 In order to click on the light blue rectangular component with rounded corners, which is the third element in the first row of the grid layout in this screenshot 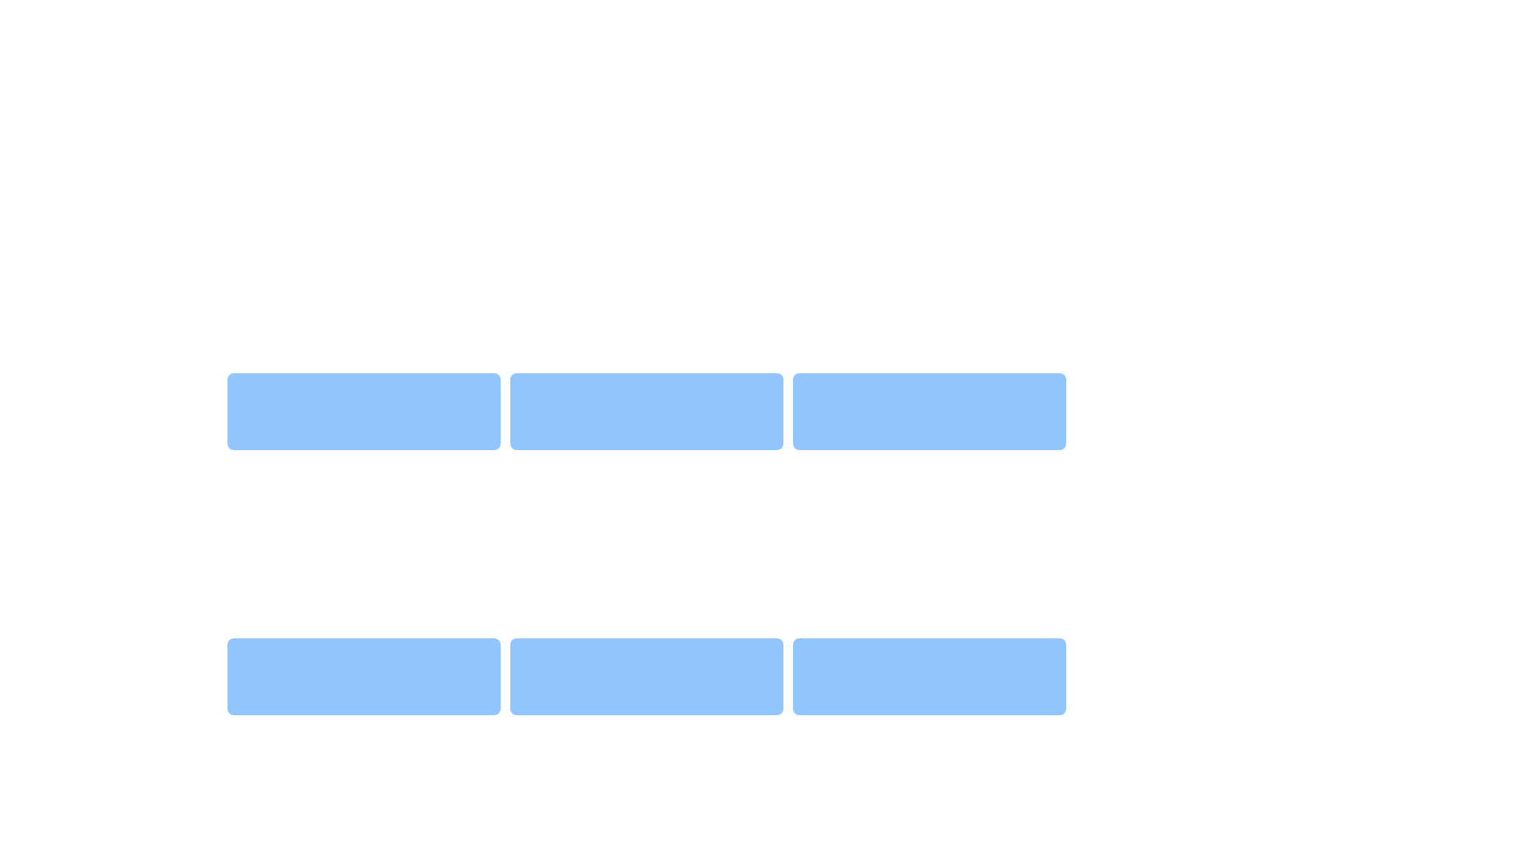, I will do `click(929, 410)`.